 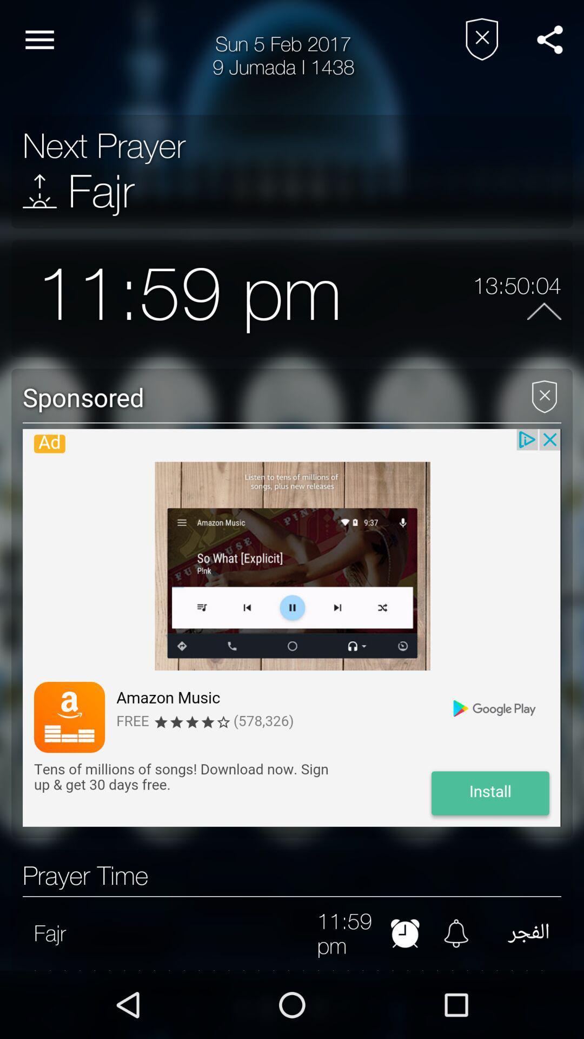 I want to click on the item above 11:59 pm item, so click(x=292, y=896).